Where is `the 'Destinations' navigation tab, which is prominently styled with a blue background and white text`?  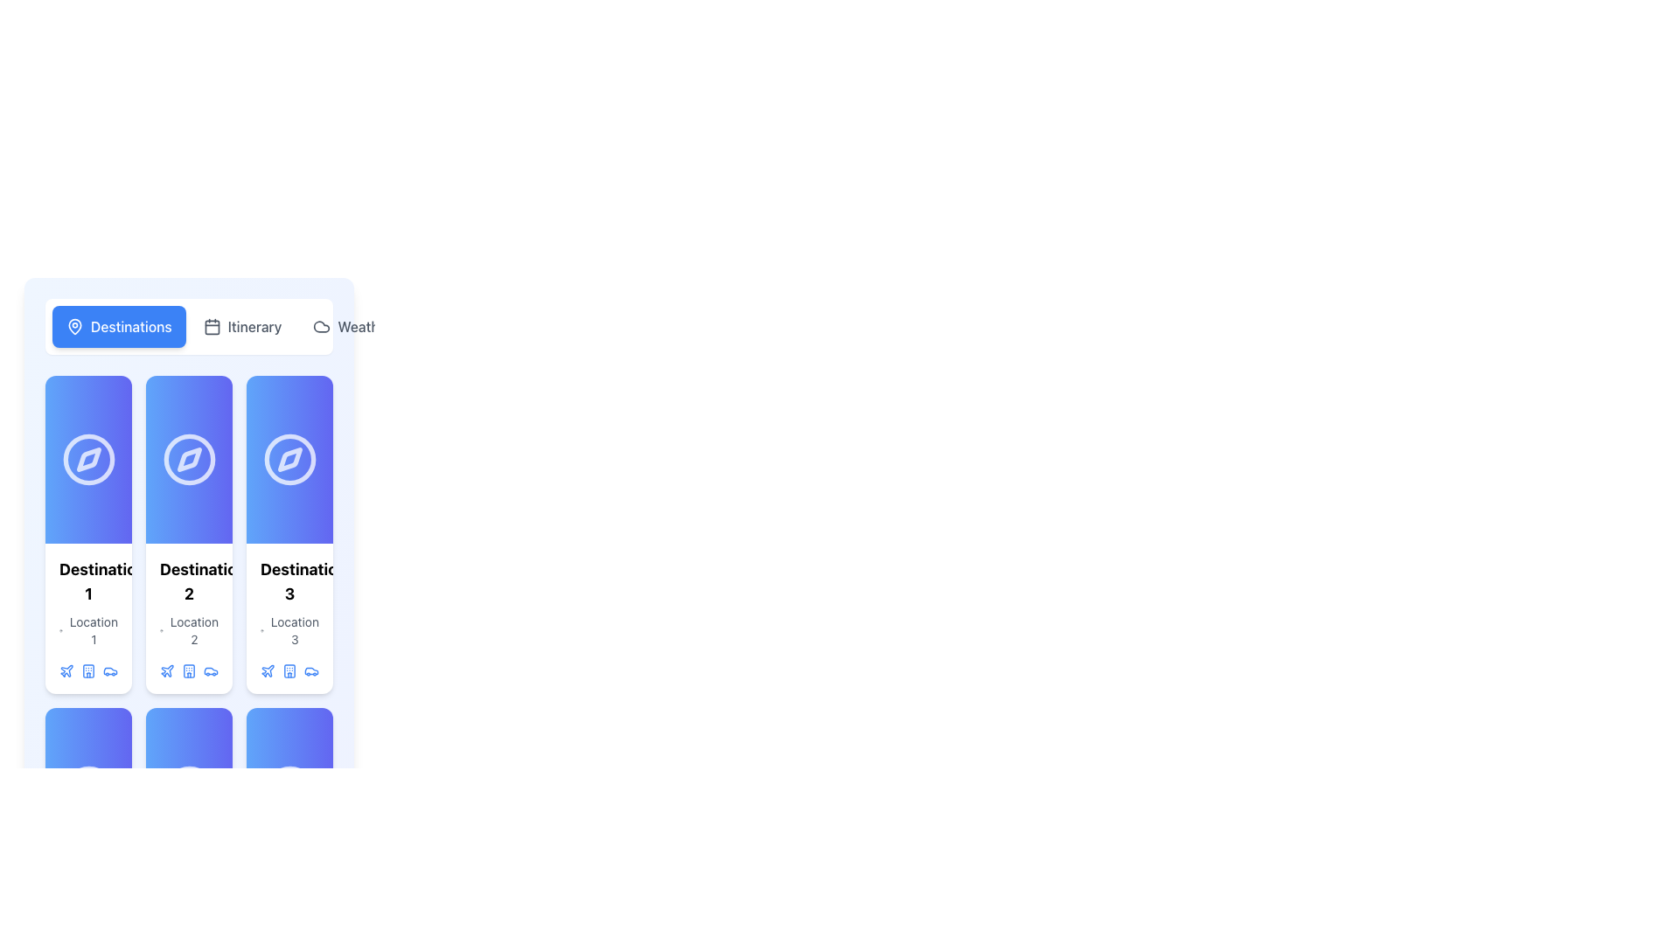
the 'Destinations' navigation tab, which is prominently styled with a blue background and white text is located at coordinates (189, 327).